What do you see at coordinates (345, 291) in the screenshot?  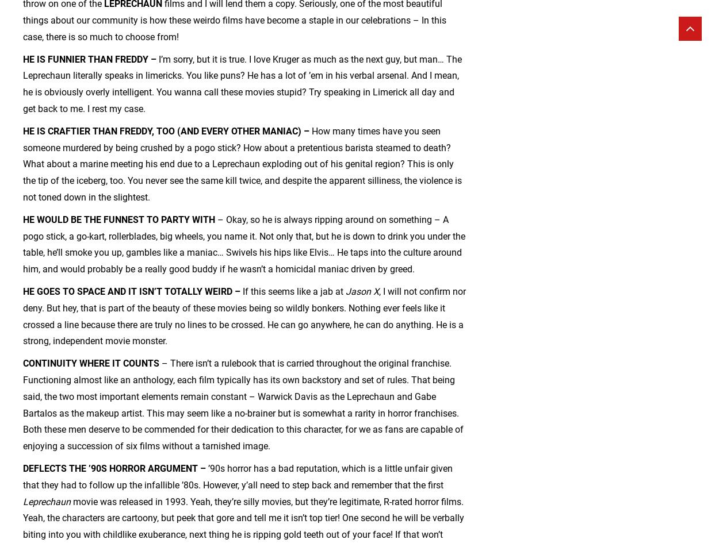 I see `'Jason X'` at bounding box center [345, 291].